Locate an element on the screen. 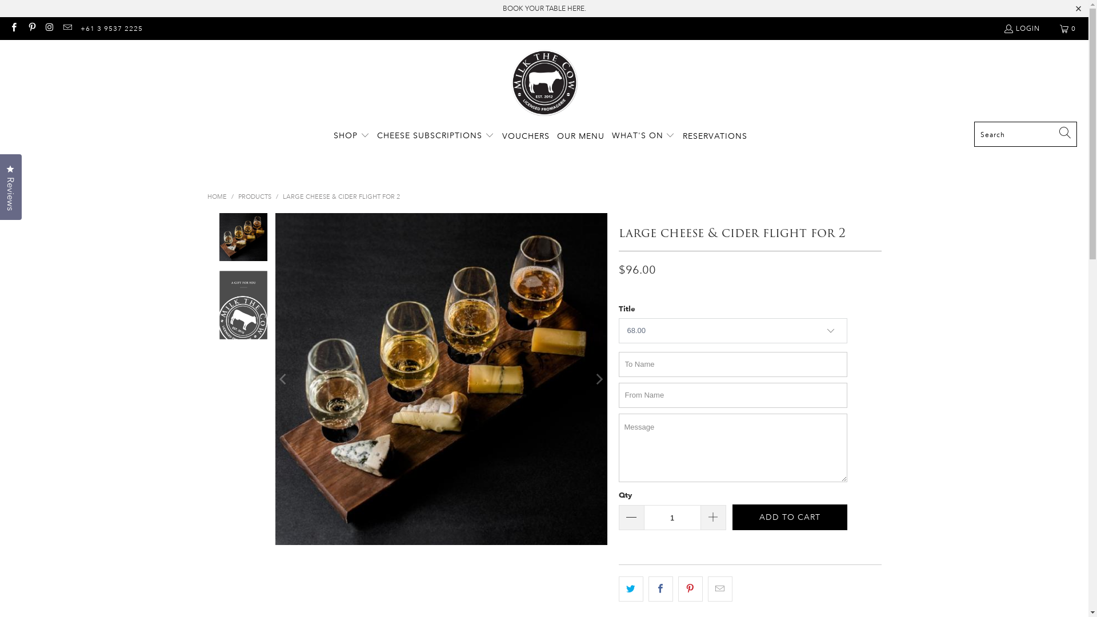  'Milk the Cow Licensed Fromagerie' is located at coordinates (544, 83).